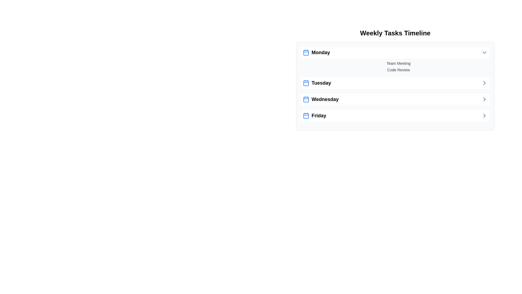 Image resolution: width=522 pixels, height=294 pixels. What do you see at coordinates (306, 115) in the screenshot?
I see `the calendar icon associated with the 'Friday' label in the Weekly Tasks Timeline interface` at bounding box center [306, 115].